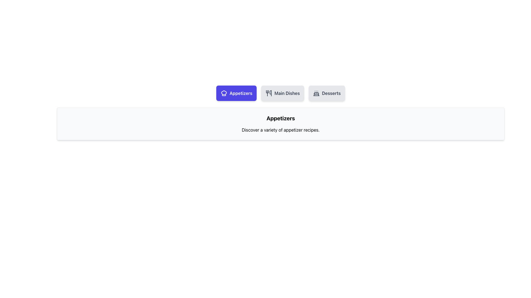 The width and height of the screenshot is (531, 298). What do you see at coordinates (241, 93) in the screenshot?
I see `the 'Appetizers' text label that indicates its purpose as part of the navigation bar, positioned between the chef hat icon and other menu items` at bounding box center [241, 93].